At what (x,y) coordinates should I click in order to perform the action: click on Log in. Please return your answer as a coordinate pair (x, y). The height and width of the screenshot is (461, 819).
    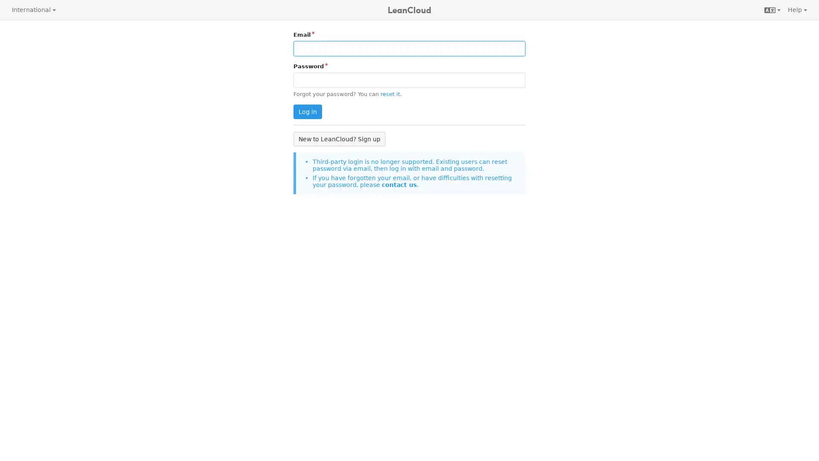
    Looking at the image, I should click on (307, 111).